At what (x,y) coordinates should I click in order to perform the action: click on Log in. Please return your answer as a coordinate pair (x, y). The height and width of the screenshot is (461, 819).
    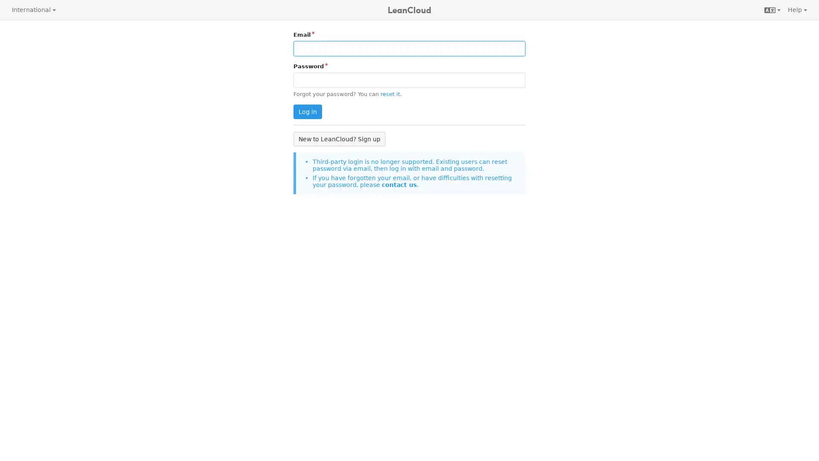
    Looking at the image, I should click on (307, 111).